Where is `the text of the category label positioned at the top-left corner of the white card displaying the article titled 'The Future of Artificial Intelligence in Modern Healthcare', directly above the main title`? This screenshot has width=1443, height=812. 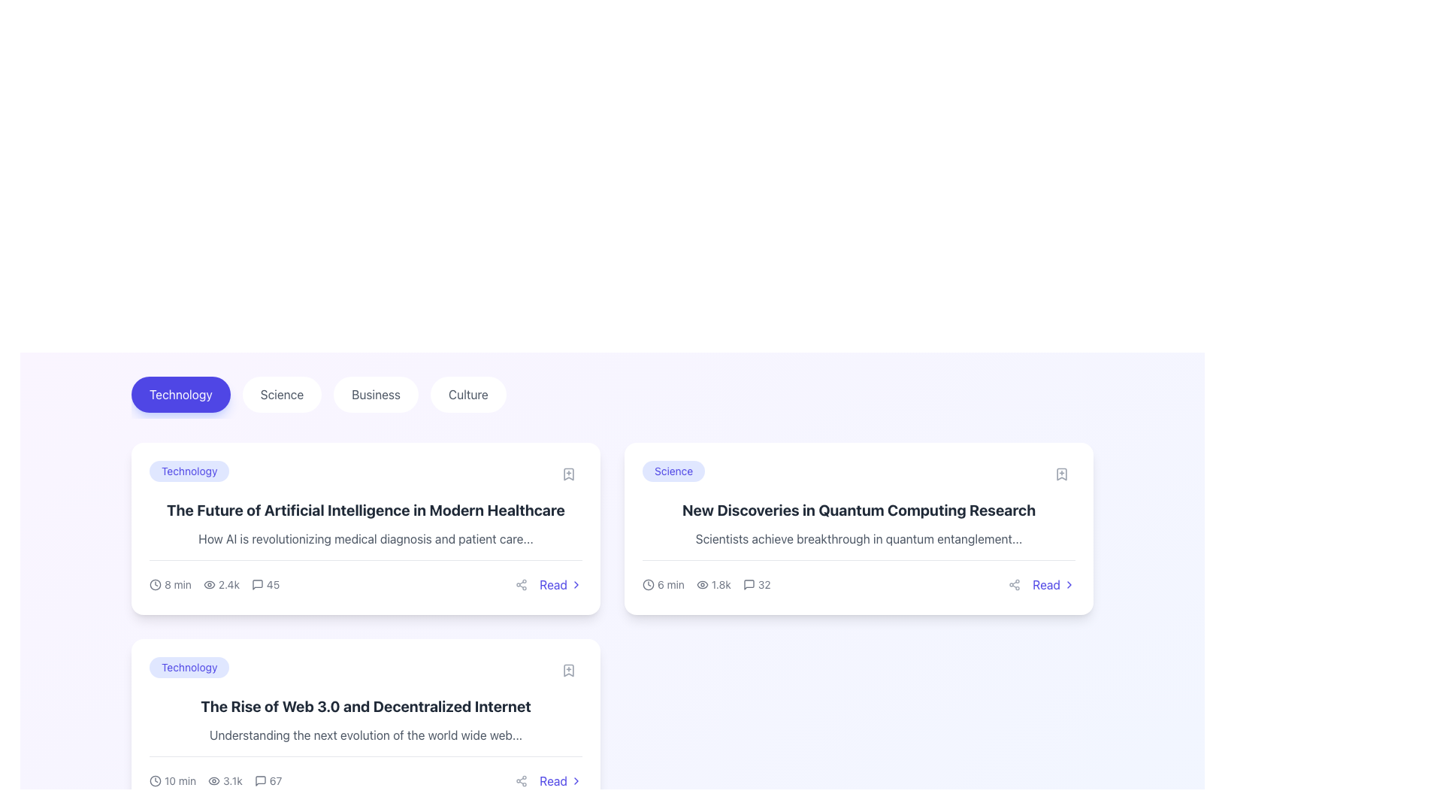 the text of the category label positioned at the top-left corner of the white card displaying the article titled 'The Future of Artificial Intelligence in Modern Healthcare', directly above the main title is located at coordinates (365, 474).